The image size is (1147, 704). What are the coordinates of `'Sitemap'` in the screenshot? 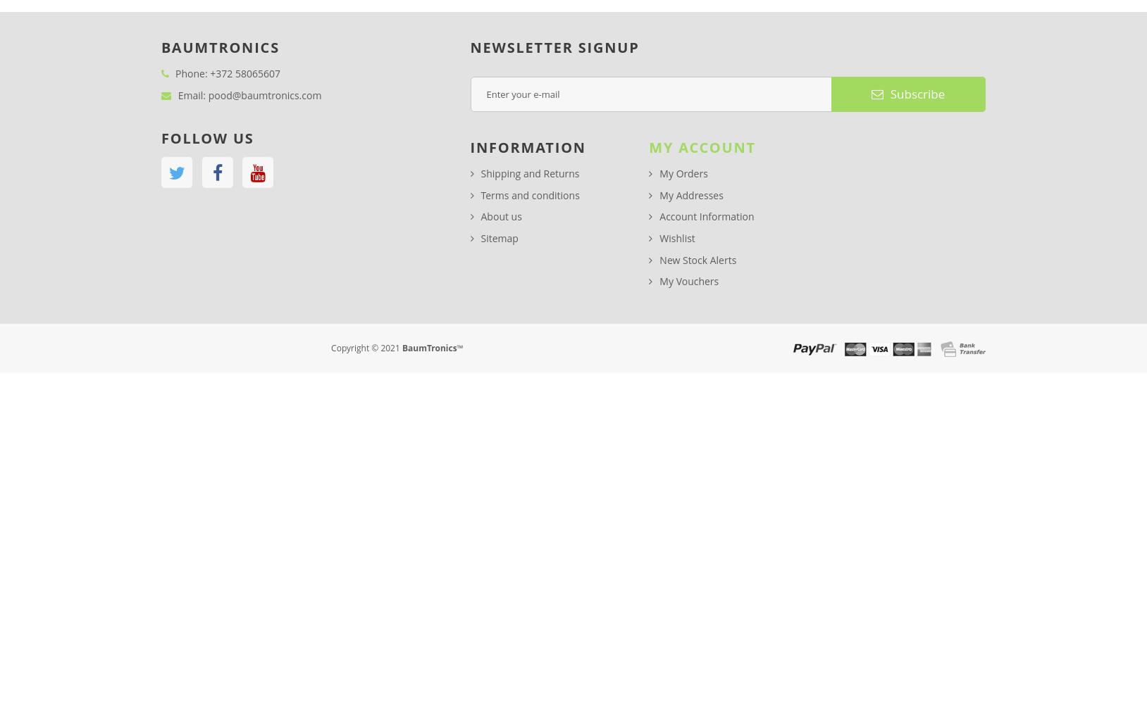 It's located at (499, 237).